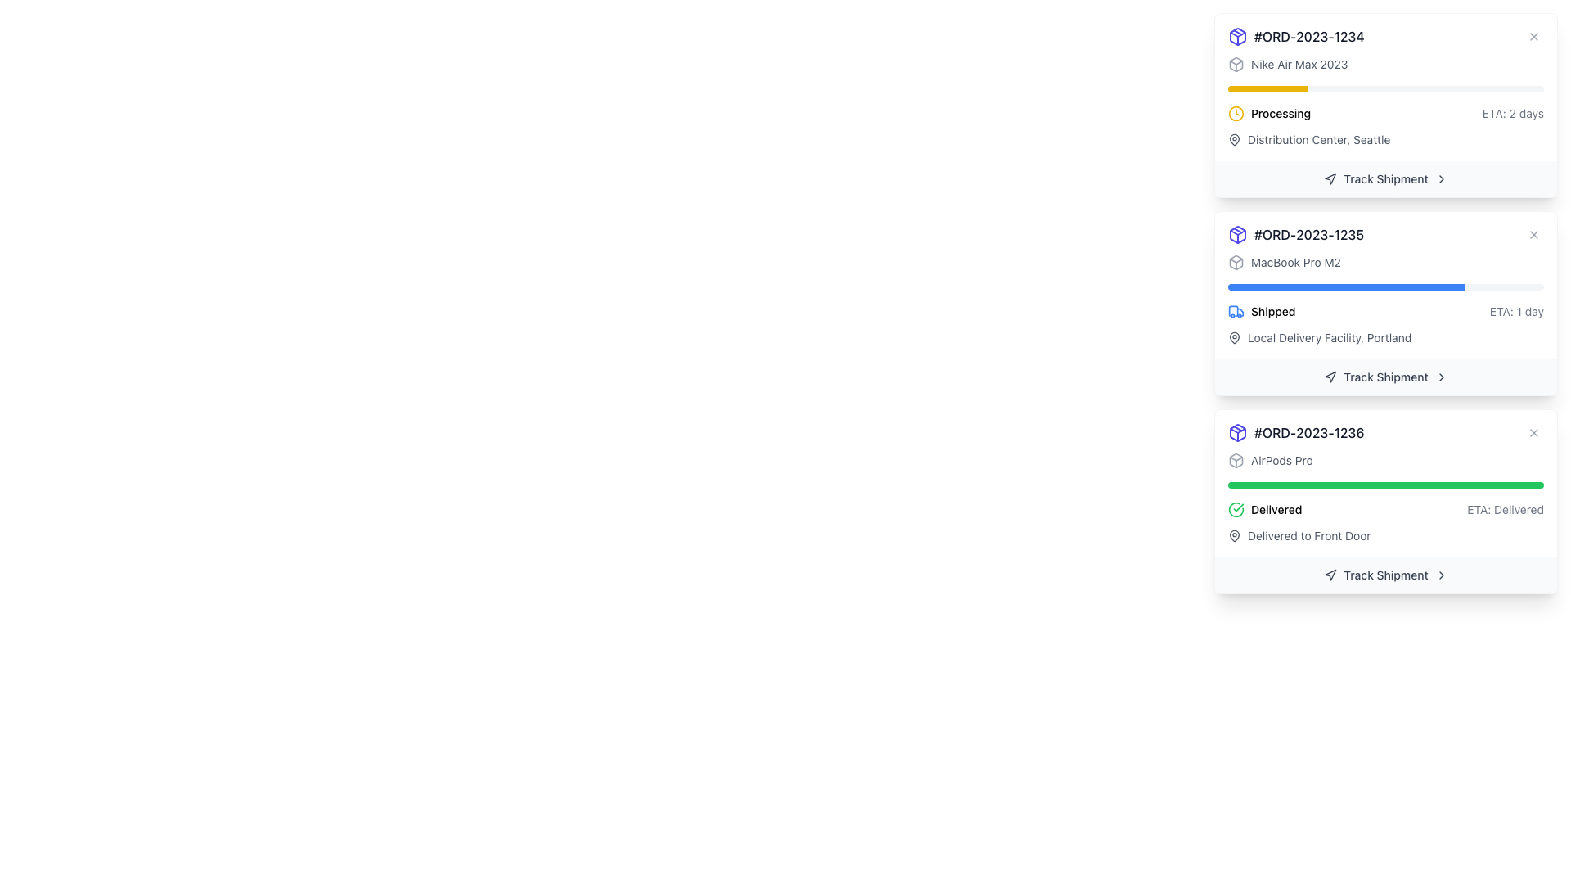 The width and height of the screenshot is (1571, 884). I want to click on the map pin icon located to the left of the text 'Local Delivery Facility, Portland' in the second card under the 'Shipped' status heading, so click(1234, 336).